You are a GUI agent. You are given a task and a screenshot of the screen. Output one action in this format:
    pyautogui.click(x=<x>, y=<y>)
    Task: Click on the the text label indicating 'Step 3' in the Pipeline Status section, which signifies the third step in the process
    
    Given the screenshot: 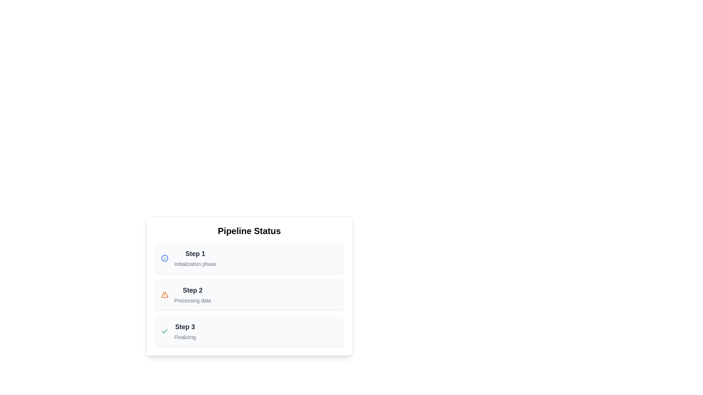 What is the action you would take?
    pyautogui.click(x=185, y=327)
    